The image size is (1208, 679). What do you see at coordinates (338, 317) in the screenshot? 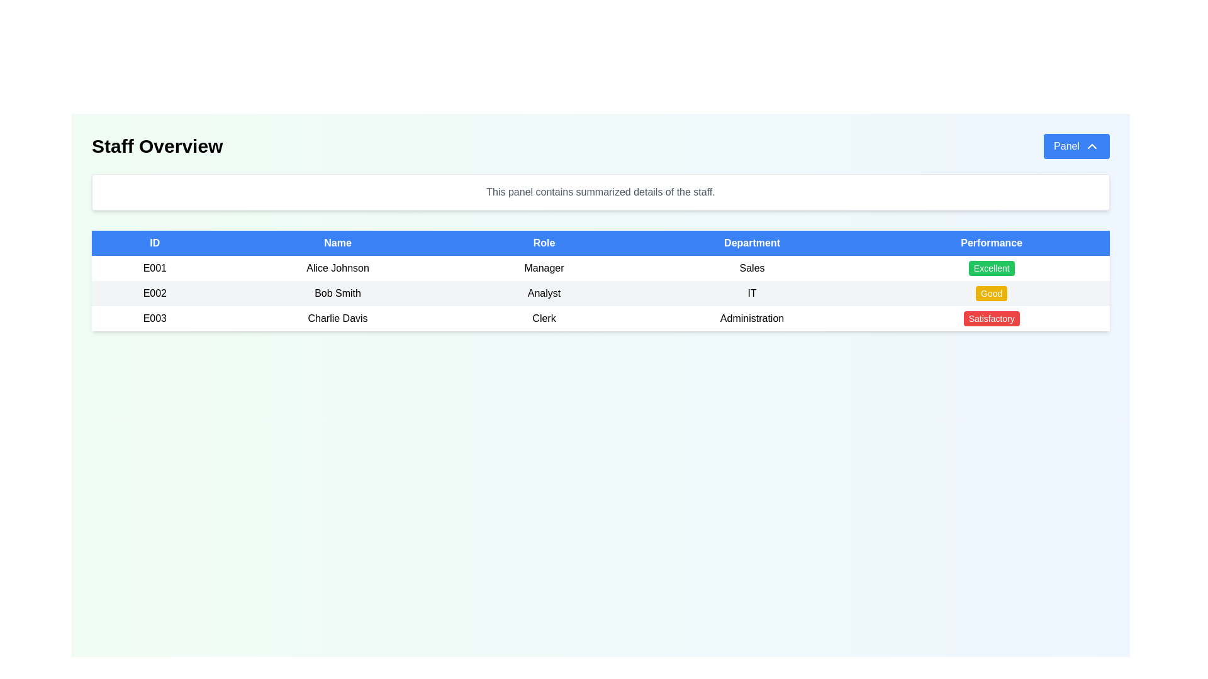
I see `displayed text in the tabular cell containing the name 'Charlie Davis', which is the second column in the third row of a staff information table` at bounding box center [338, 317].